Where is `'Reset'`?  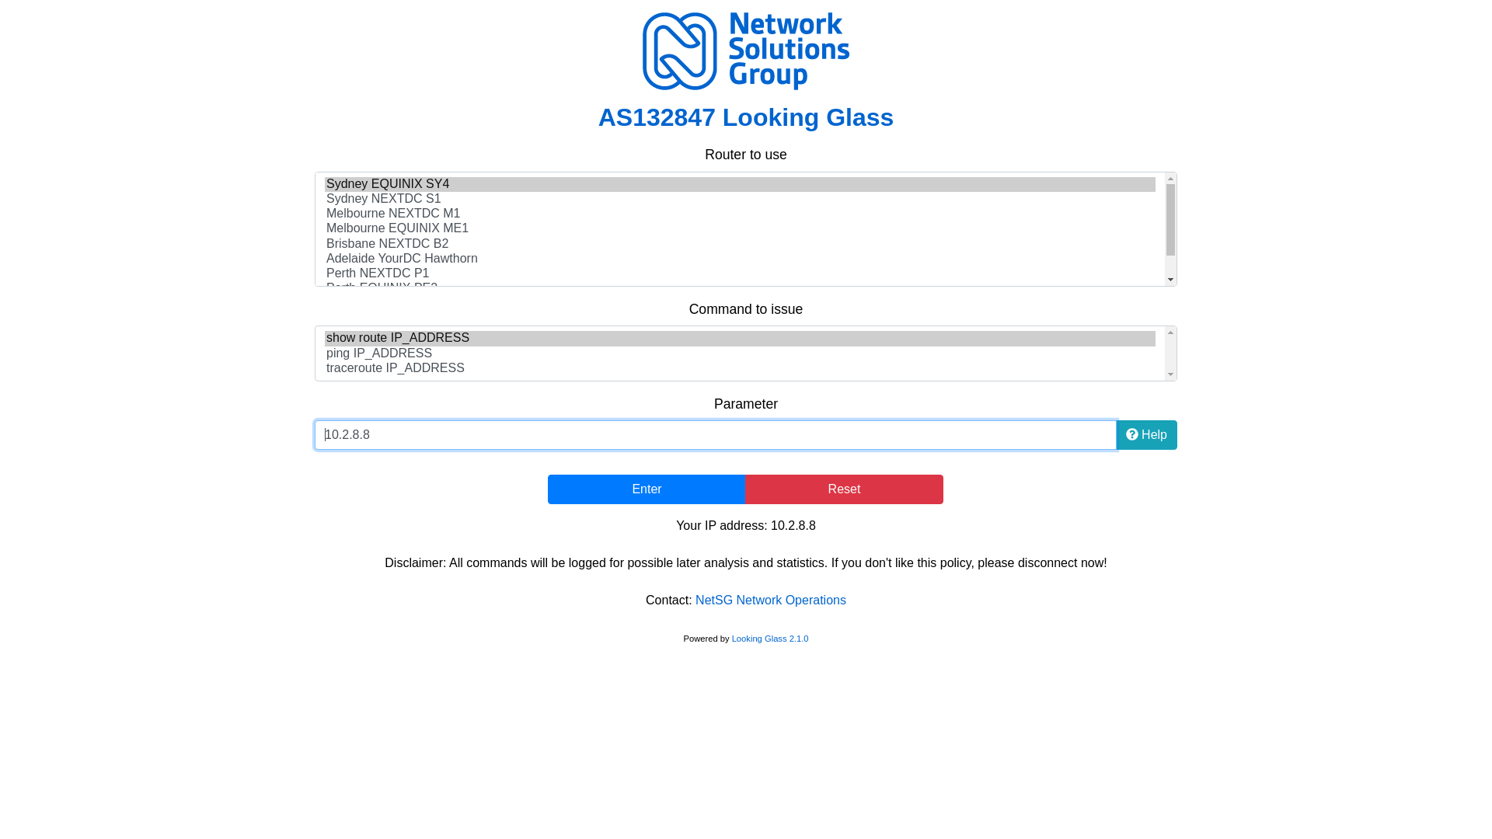 'Reset' is located at coordinates (744, 488).